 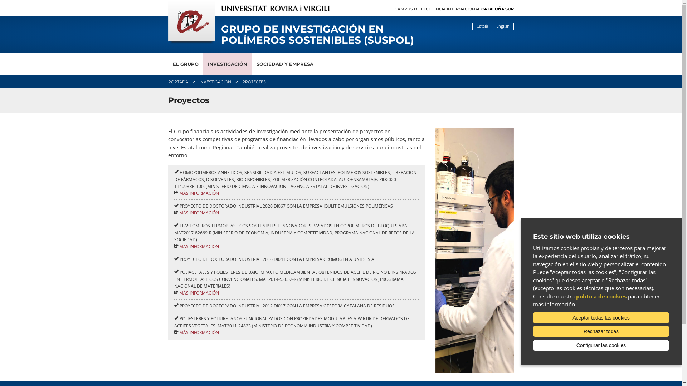 What do you see at coordinates (185, 64) in the screenshot?
I see `'EL GRUPO'` at bounding box center [185, 64].